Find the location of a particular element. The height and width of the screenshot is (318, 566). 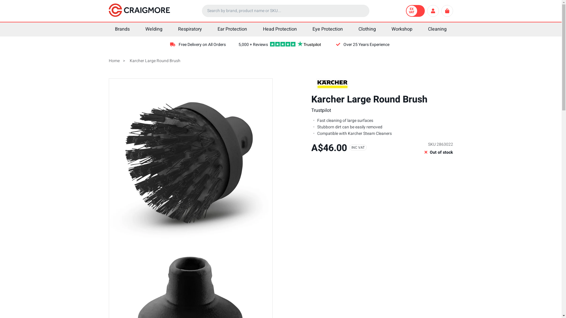

'Clothing' is located at coordinates (366, 29).